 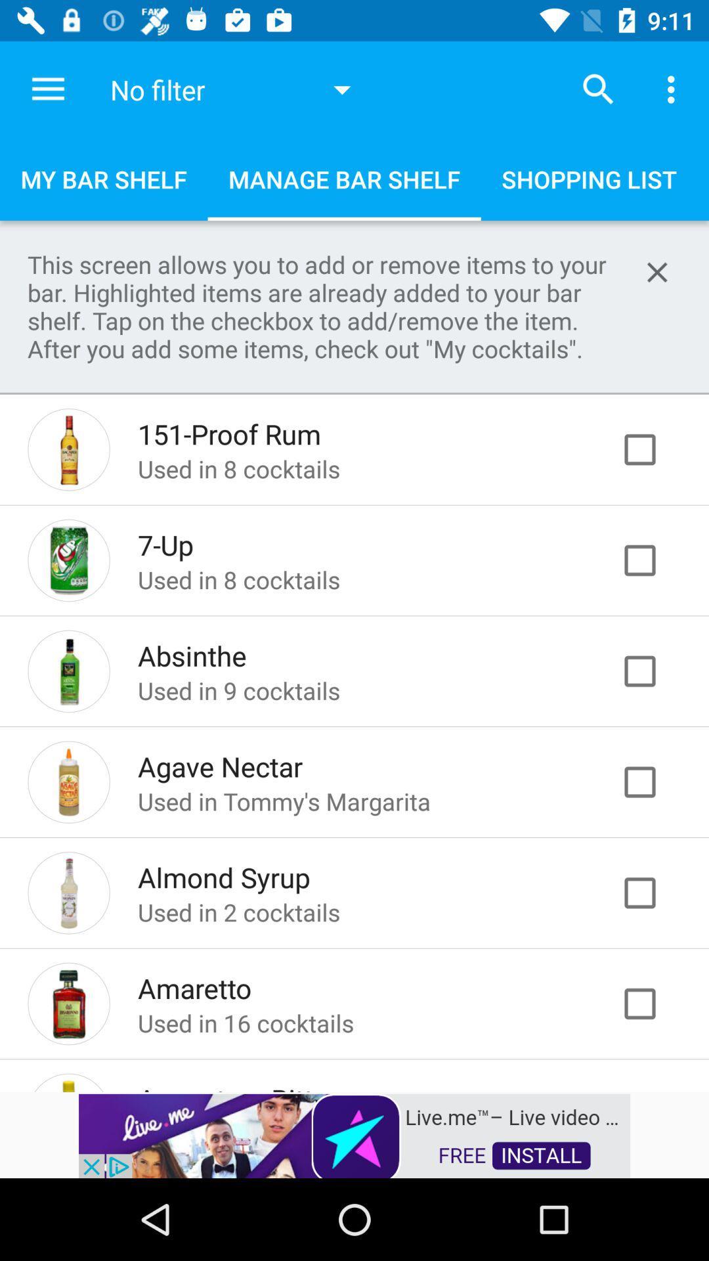 I want to click on check box option, so click(x=653, y=449).